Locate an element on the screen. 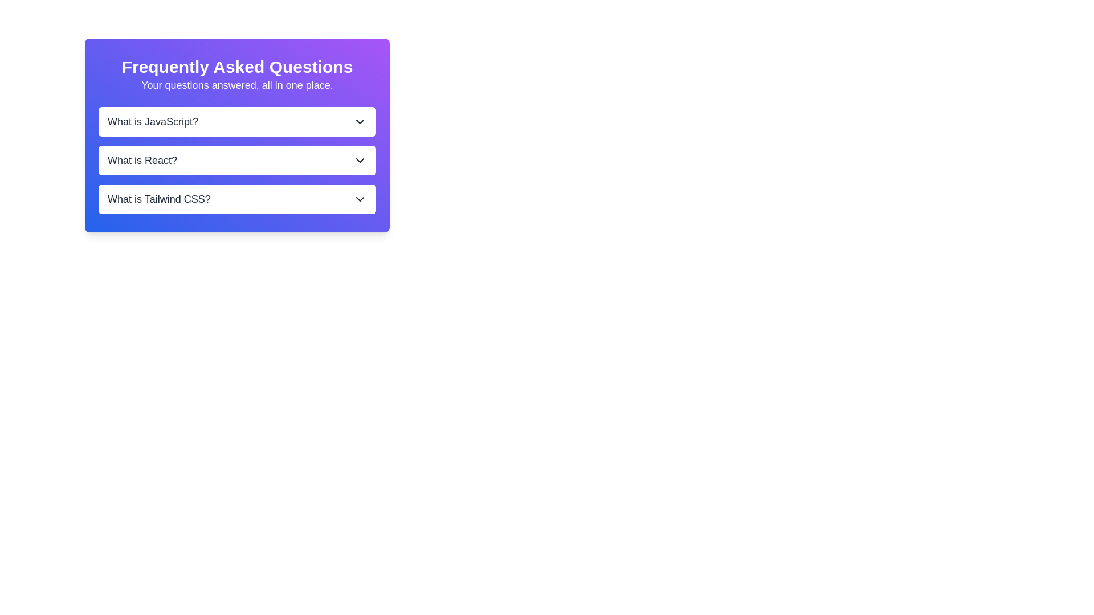 This screenshot has width=1094, height=615. the Dropdown toggle button labeled 'What is Tailwind CSS?' is located at coordinates (236, 199).